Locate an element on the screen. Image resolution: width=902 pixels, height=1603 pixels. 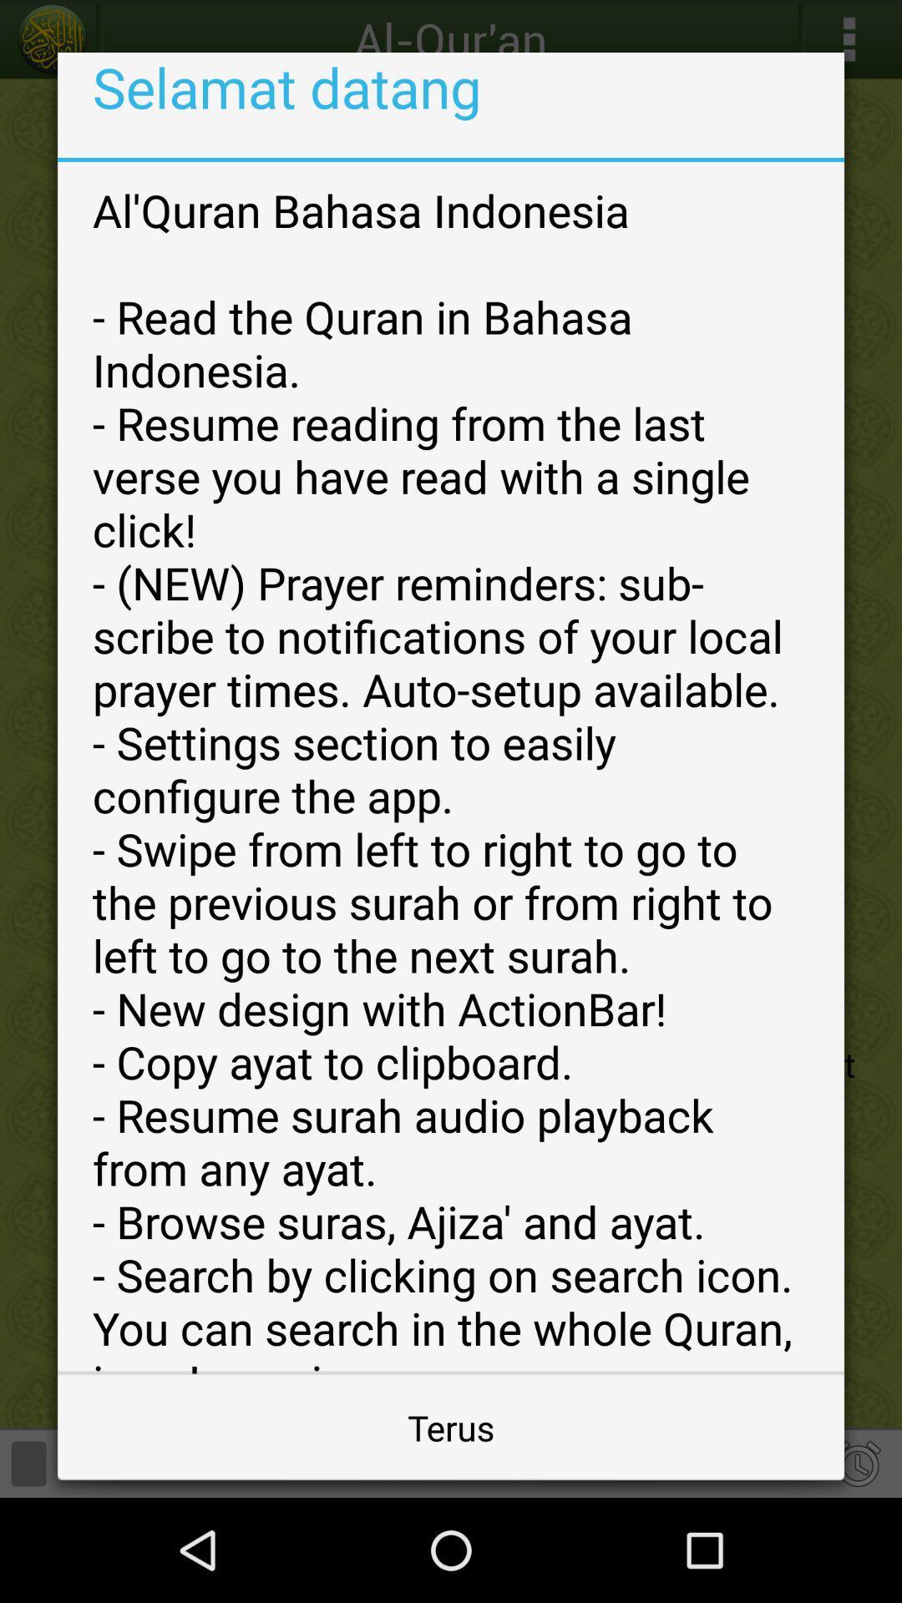
terus at the bottom is located at coordinates (451, 1426).